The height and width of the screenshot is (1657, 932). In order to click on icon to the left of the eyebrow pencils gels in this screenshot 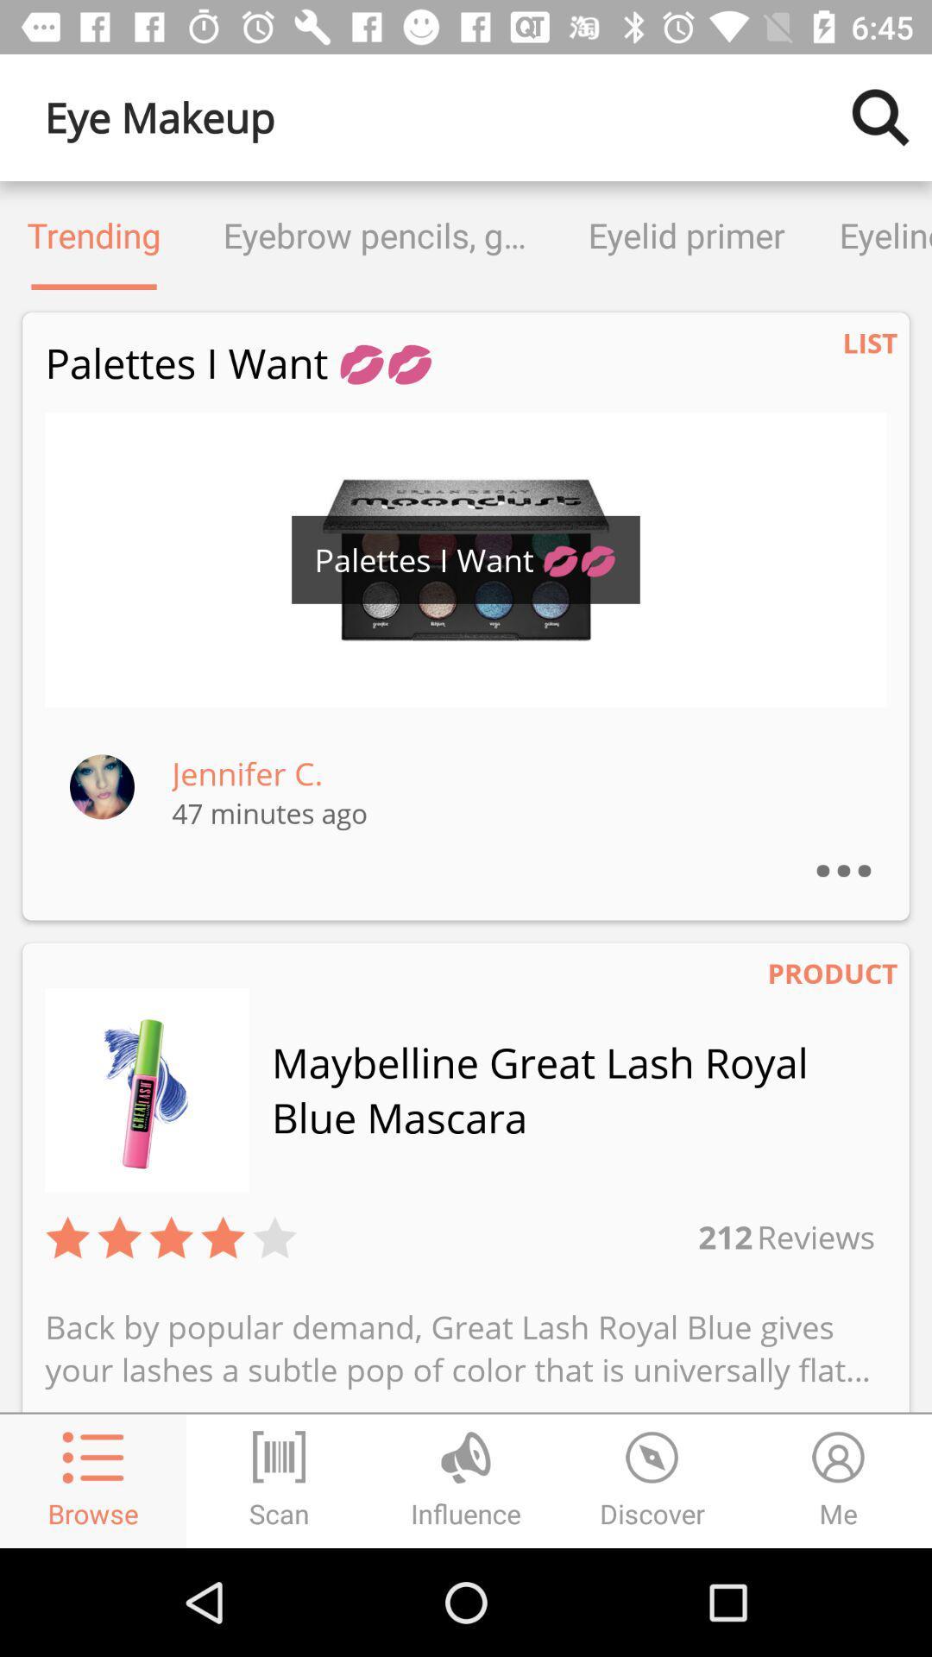, I will do `click(94, 235)`.